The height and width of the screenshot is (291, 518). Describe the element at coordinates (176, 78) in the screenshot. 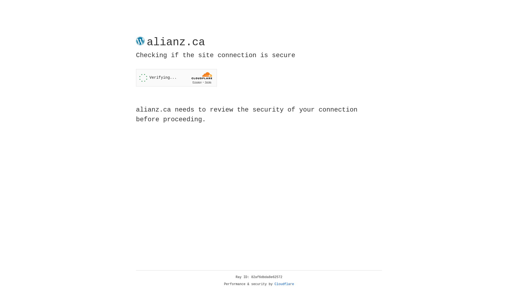

I see `'Widget containing a Cloudflare security challenge'` at that location.